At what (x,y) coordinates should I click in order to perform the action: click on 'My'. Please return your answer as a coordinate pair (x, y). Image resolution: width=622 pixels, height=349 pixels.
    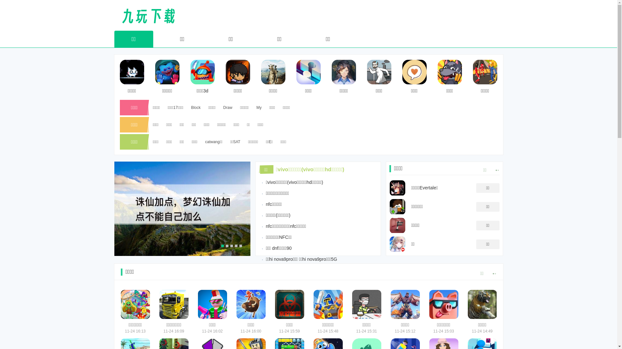
    Looking at the image, I should click on (258, 107).